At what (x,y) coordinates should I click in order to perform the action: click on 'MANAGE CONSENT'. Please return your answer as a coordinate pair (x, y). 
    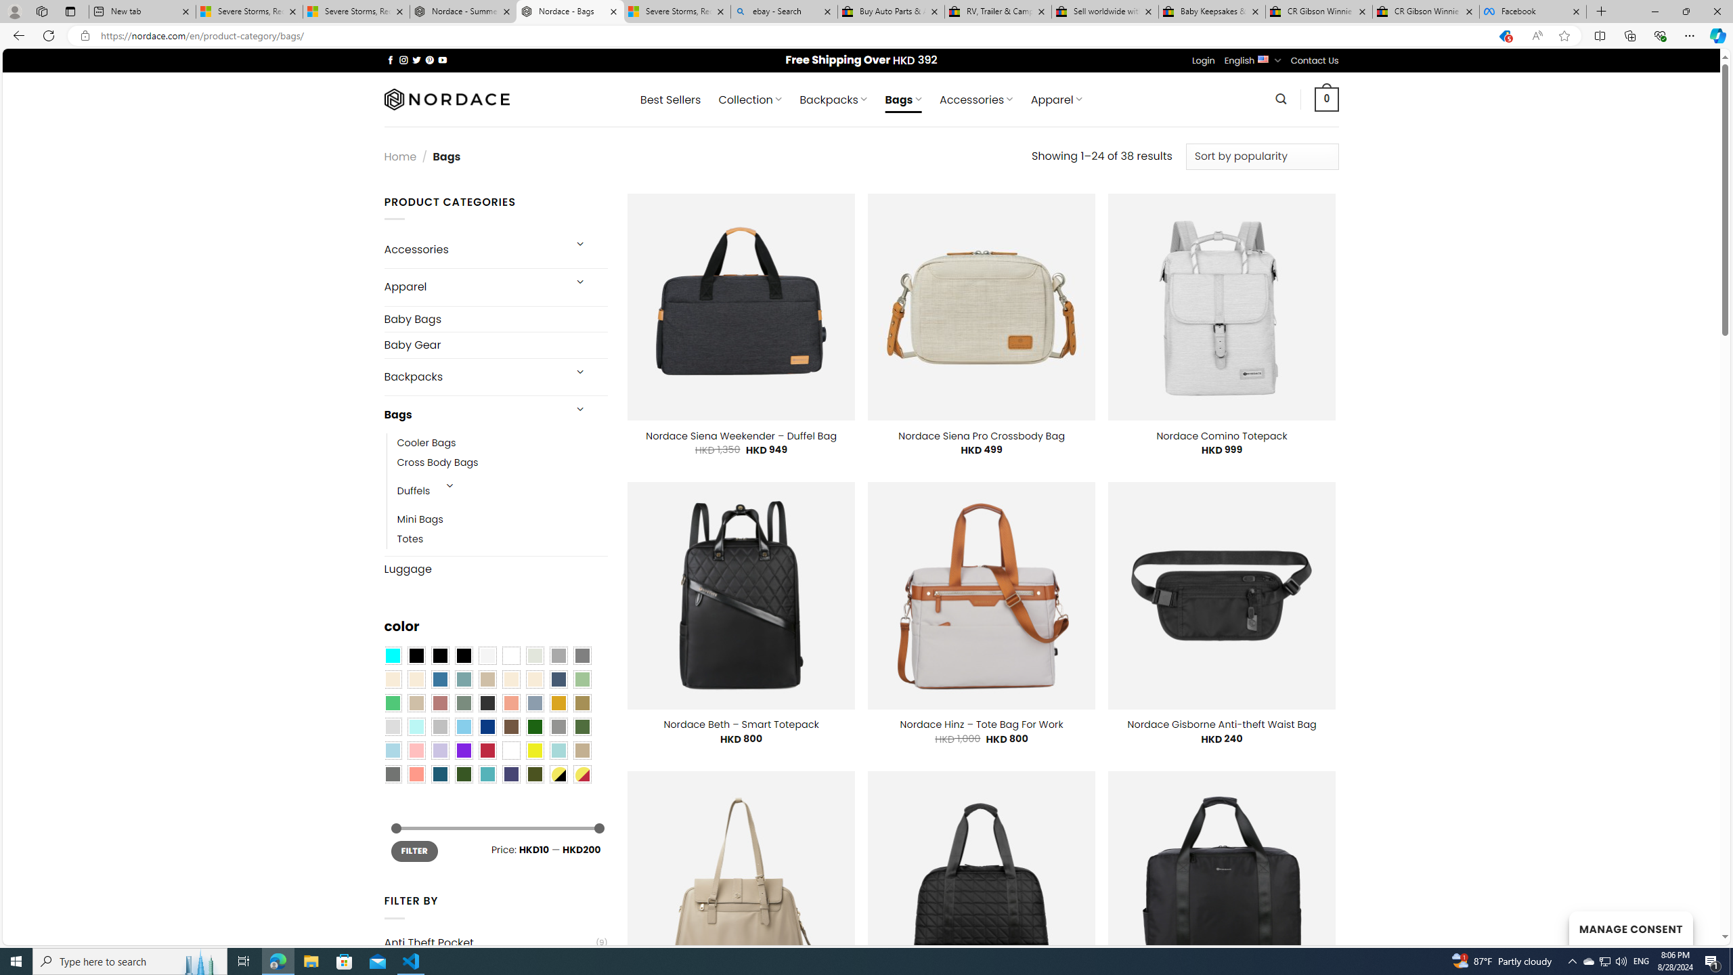
    Looking at the image, I should click on (1630, 928).